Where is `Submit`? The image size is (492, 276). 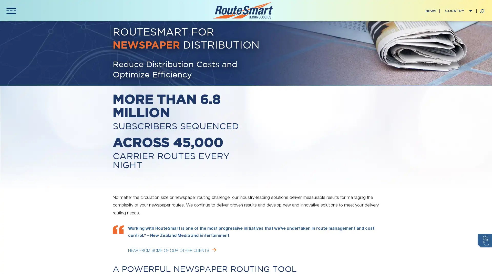
Submit is located at coordinates (125, 186).